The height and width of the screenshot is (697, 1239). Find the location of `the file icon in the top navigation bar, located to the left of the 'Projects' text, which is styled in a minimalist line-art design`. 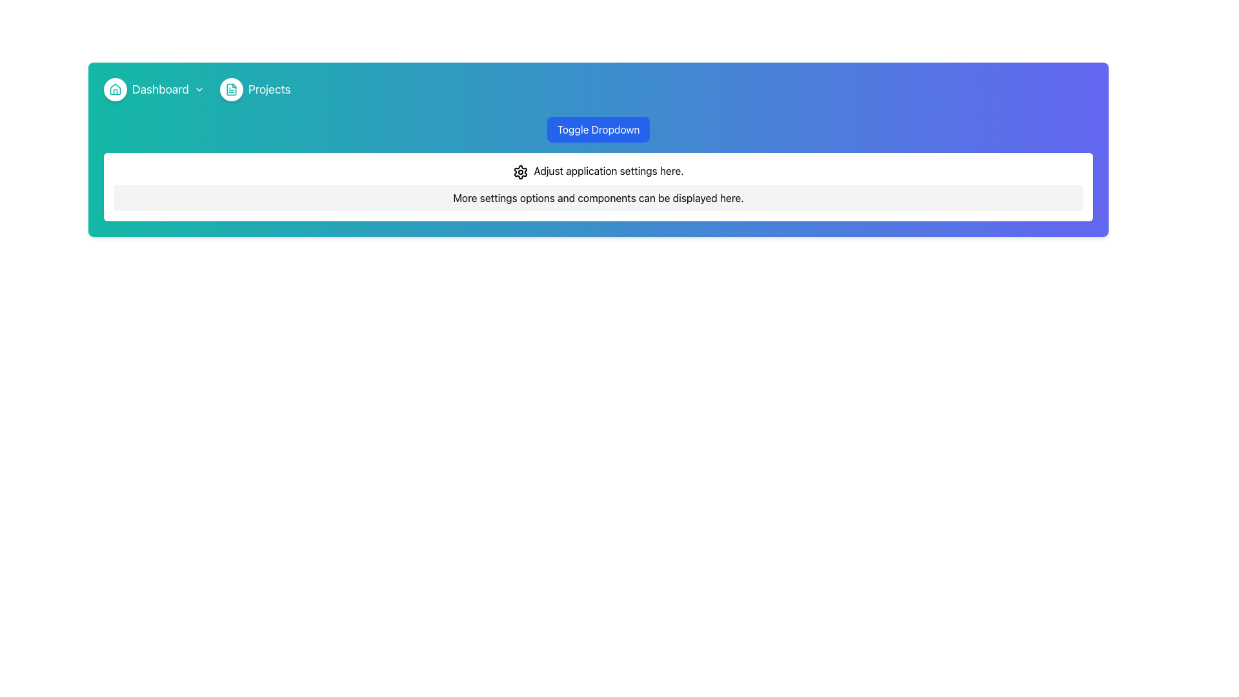

the file icon in the top navigation bar, located to the left of the 'Projects' text, which is styled in a minimalist line-art design is located at coordinates (231, 88).